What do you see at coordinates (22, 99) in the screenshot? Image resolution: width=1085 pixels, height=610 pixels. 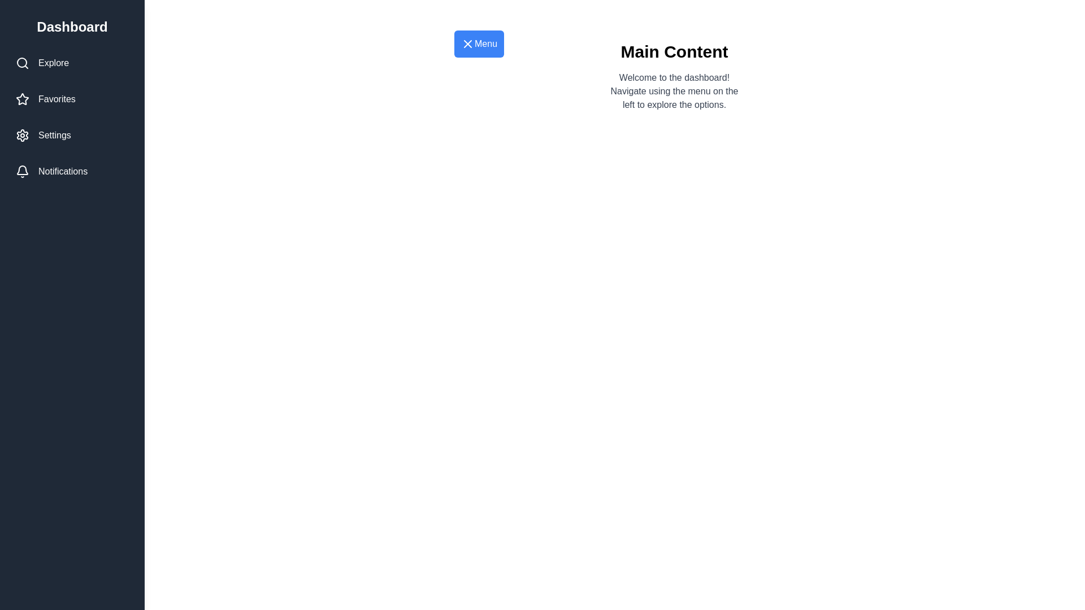 I see `the star-shaped icon for the 'Favorites' menu item located in the vertical menu on the dark sidebar` at bounding box center [22, 99].